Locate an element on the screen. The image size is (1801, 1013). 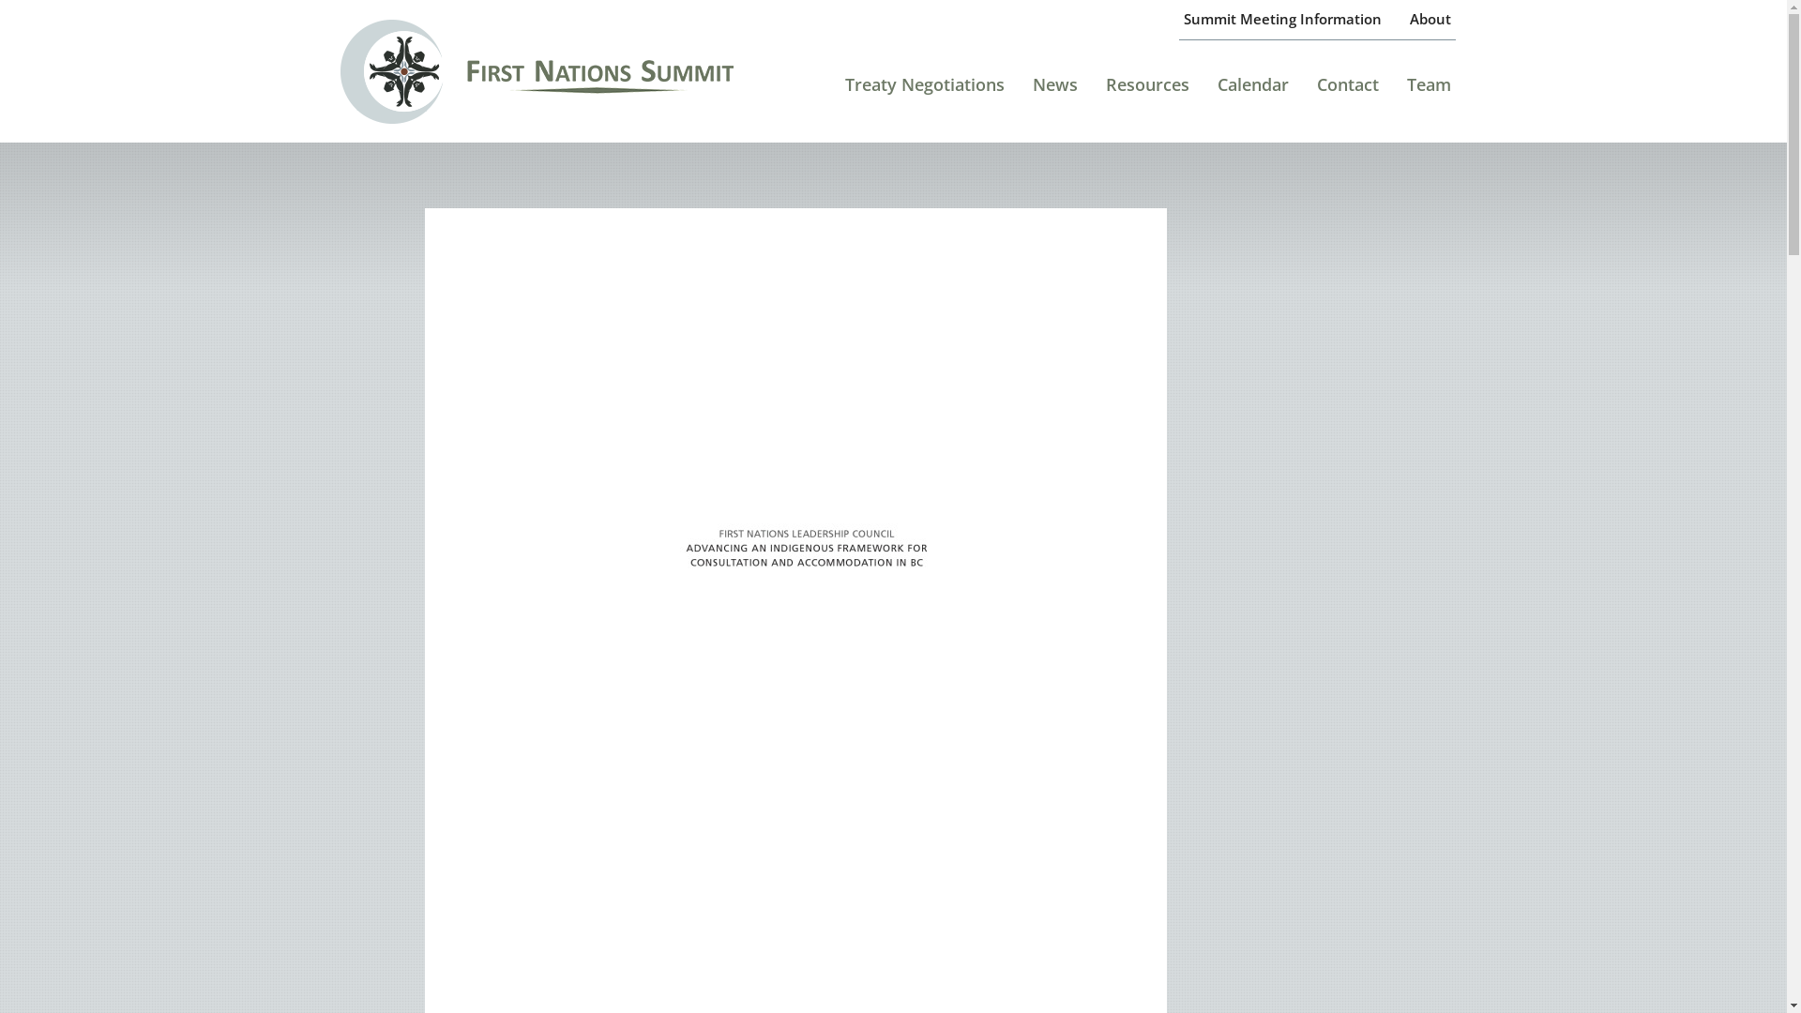
'Team' is located at coordinates (1428, 91).